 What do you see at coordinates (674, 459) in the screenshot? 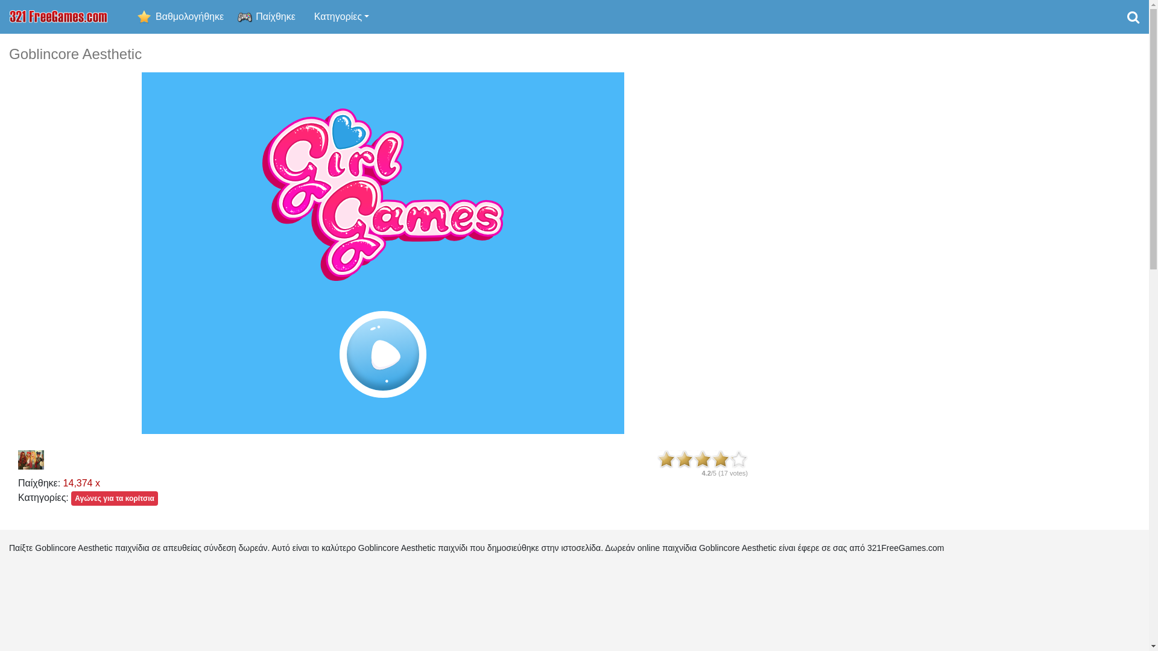
I see `'2'` at bounding box center [674, 459].